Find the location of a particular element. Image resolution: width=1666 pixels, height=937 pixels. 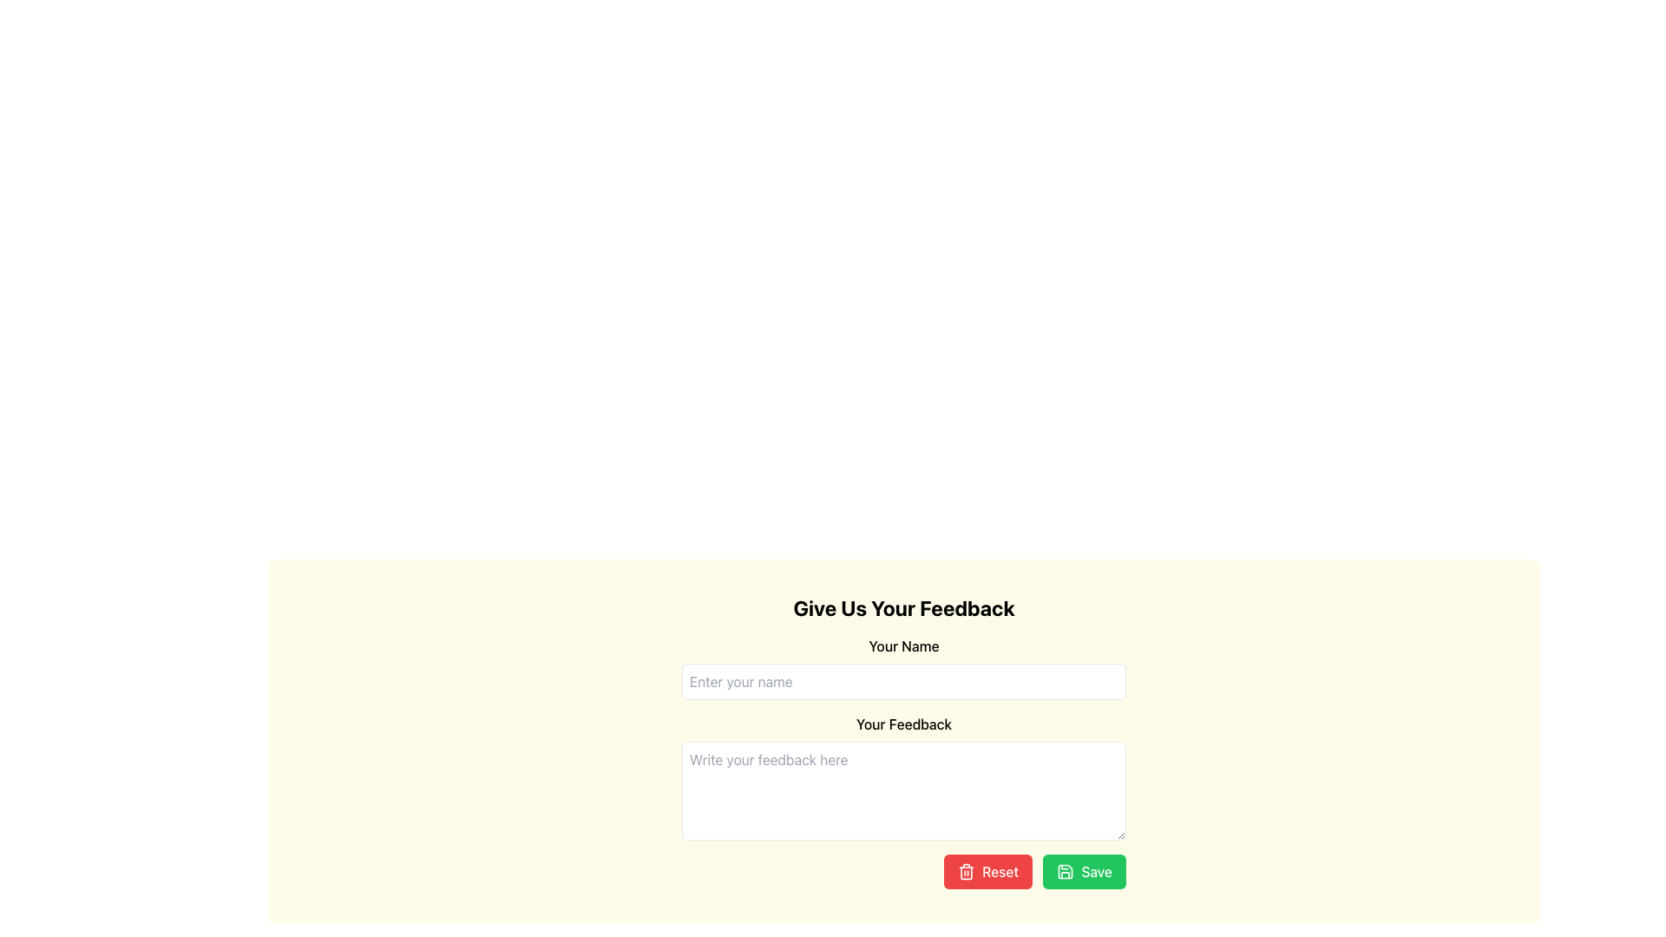

the 'Save' button, which has a green background, white text, and a floppy disk icon, located at the bottom-right corner of the feedback form is located at coordinates (1083, 872).